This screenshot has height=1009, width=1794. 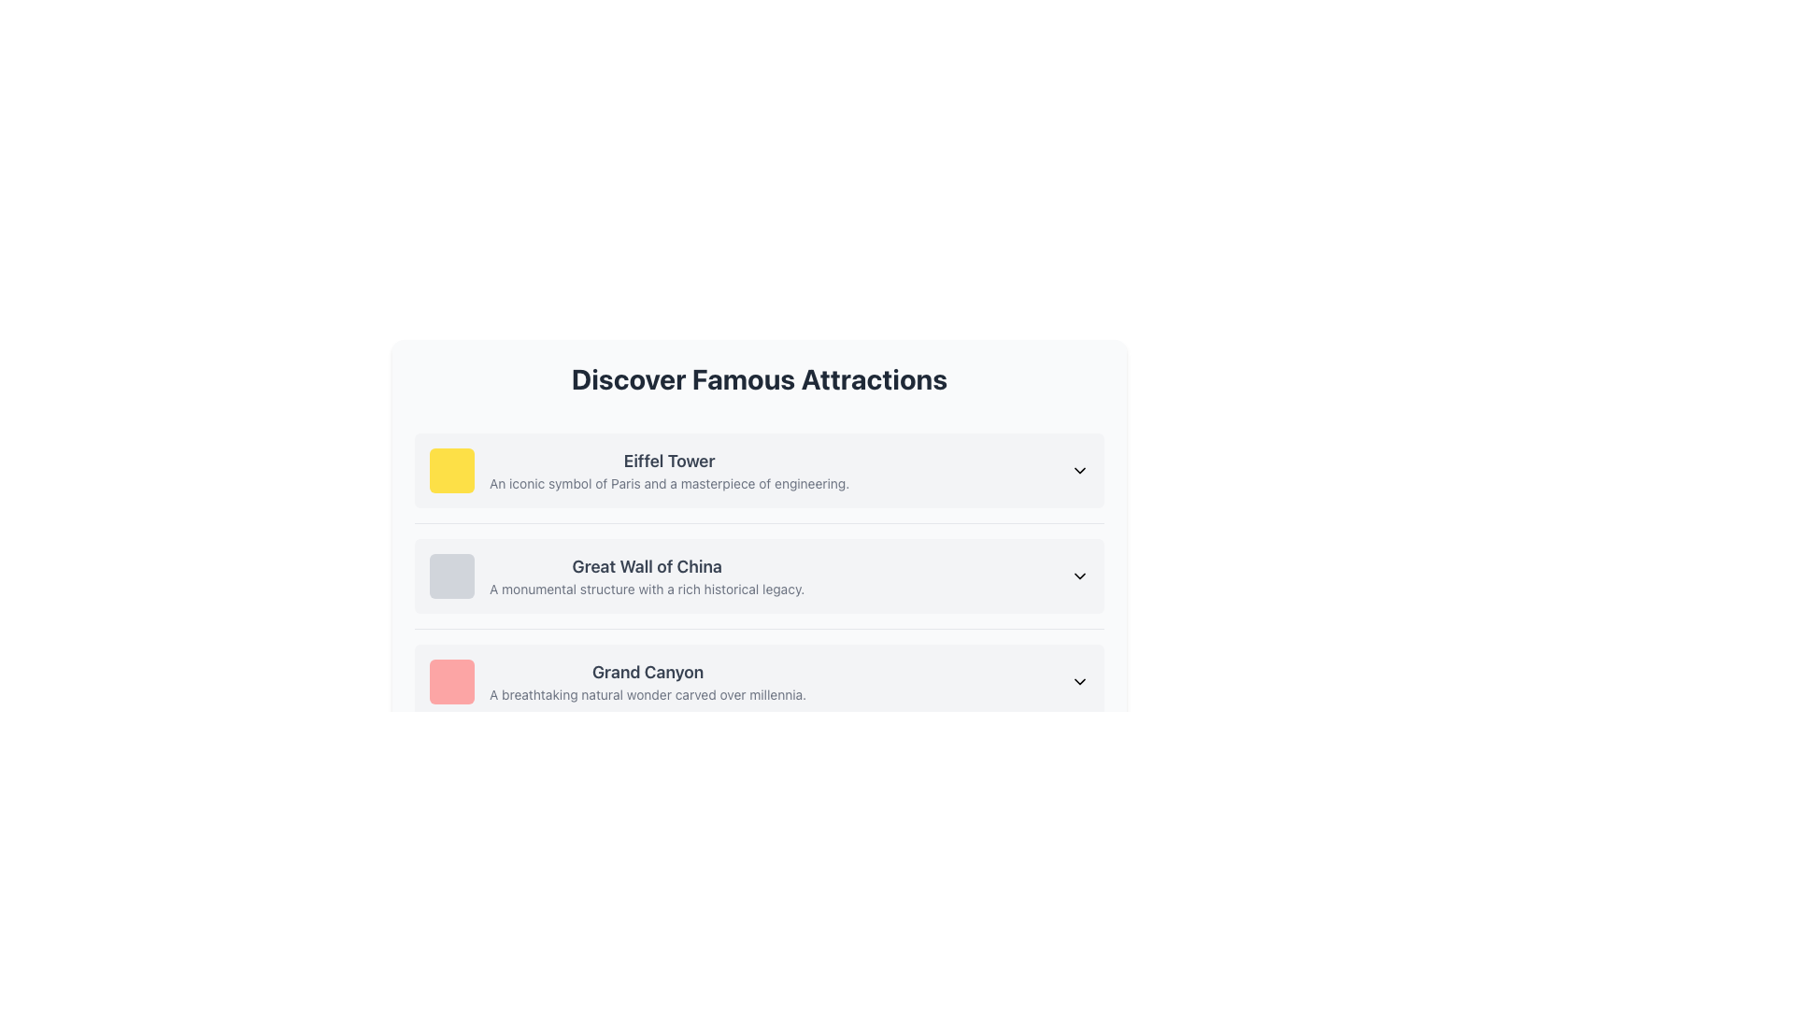 I want to click on the descriptive text element about a famous attraction, which is the second item in a vertically stacked list of similar components, located in the central content area, so click(x=647, y=576).